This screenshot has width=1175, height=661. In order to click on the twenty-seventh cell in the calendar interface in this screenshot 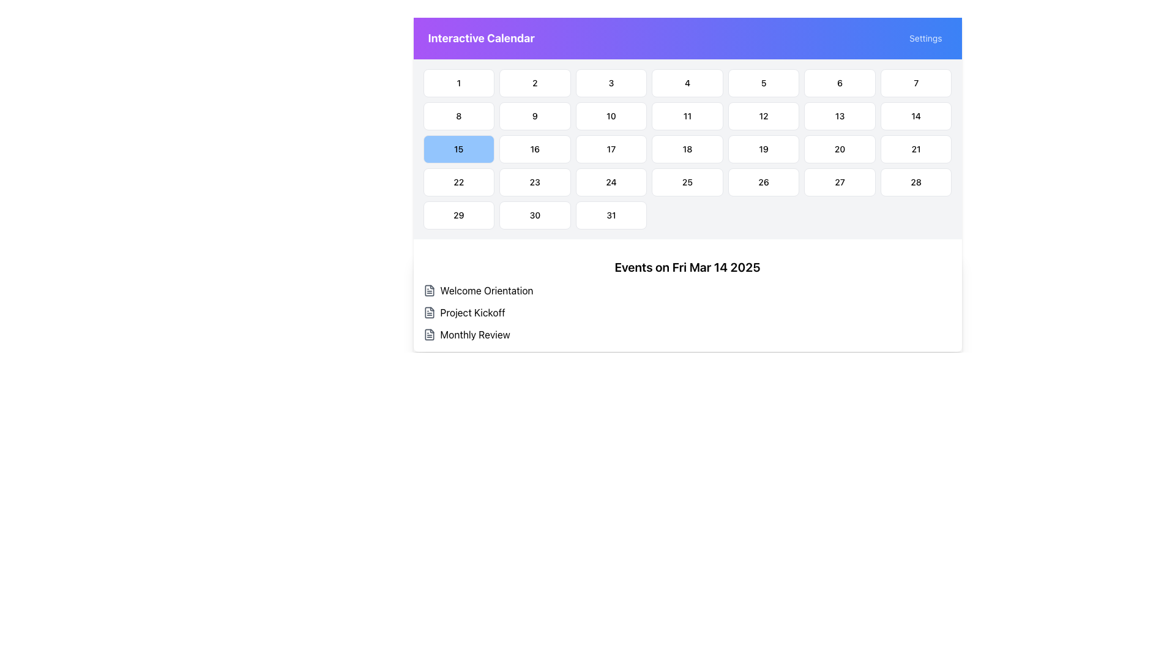, I will do `click(839, 182)`.